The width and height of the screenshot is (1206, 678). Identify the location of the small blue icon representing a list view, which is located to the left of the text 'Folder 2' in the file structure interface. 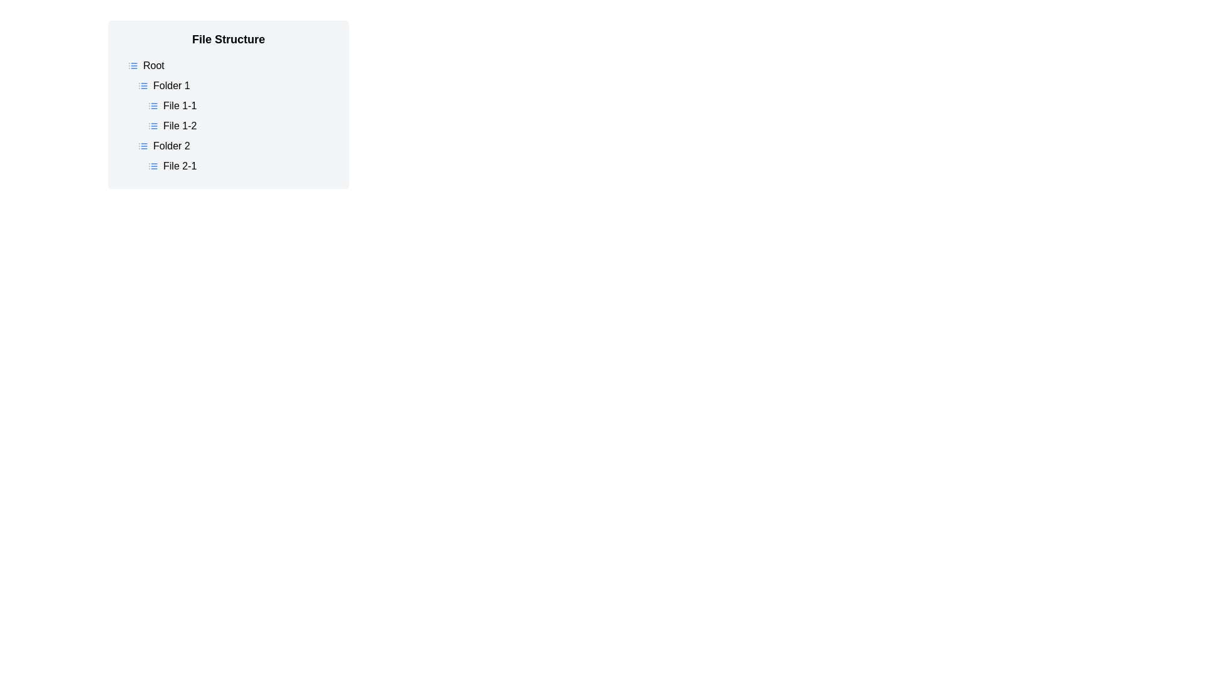
(143, 145).